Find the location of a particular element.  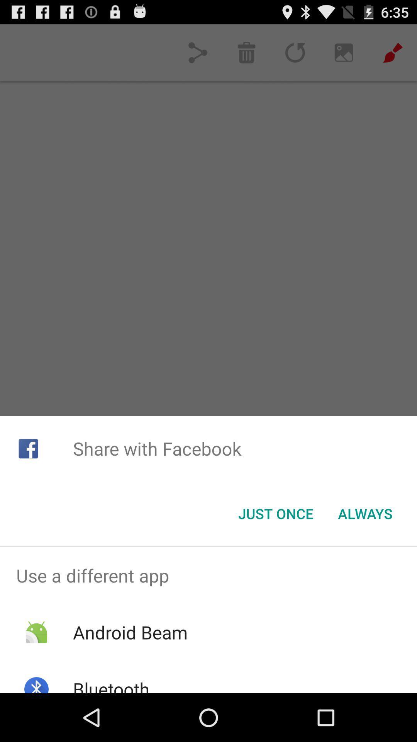

android beam app is located at coordinates (130, 632).